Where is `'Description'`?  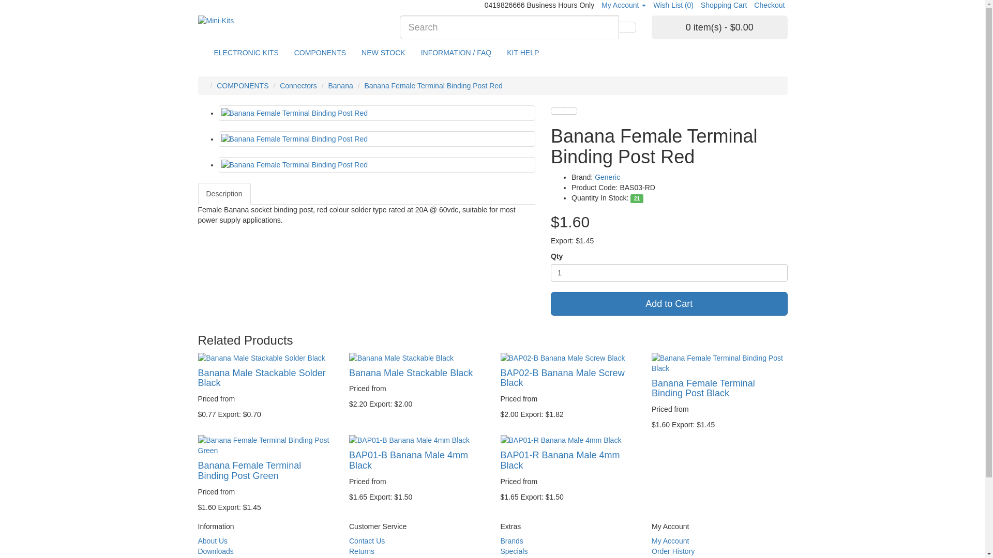 'Description' is located at coordinates (198, 193).